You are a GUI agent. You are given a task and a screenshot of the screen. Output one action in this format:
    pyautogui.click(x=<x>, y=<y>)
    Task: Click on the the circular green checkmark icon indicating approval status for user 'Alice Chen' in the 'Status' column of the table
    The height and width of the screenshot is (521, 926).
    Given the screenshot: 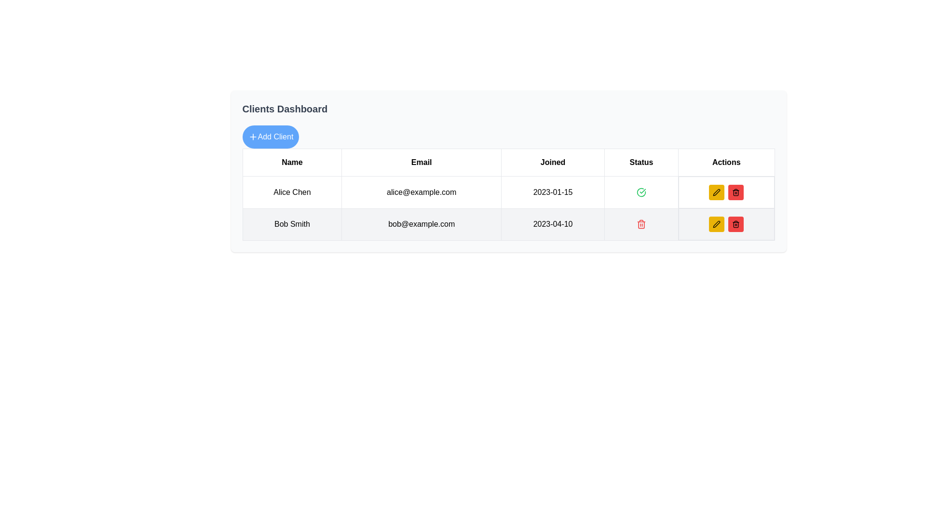 What is the action you would take?
    pyautogui.click(x=641, y=192)
    